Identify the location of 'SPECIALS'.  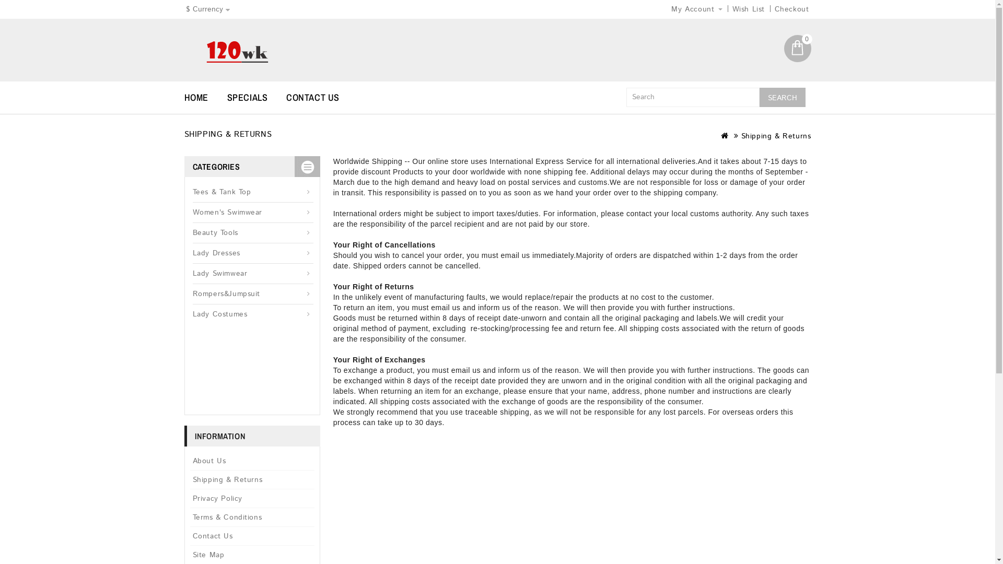
(255, 97).